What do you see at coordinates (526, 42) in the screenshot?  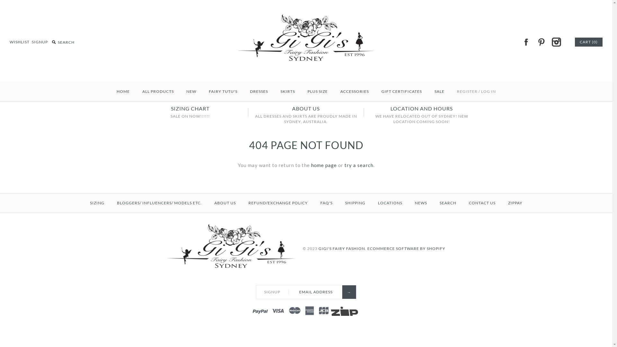 I see `'FACEBOOK'` at bounding box center [526, 42].